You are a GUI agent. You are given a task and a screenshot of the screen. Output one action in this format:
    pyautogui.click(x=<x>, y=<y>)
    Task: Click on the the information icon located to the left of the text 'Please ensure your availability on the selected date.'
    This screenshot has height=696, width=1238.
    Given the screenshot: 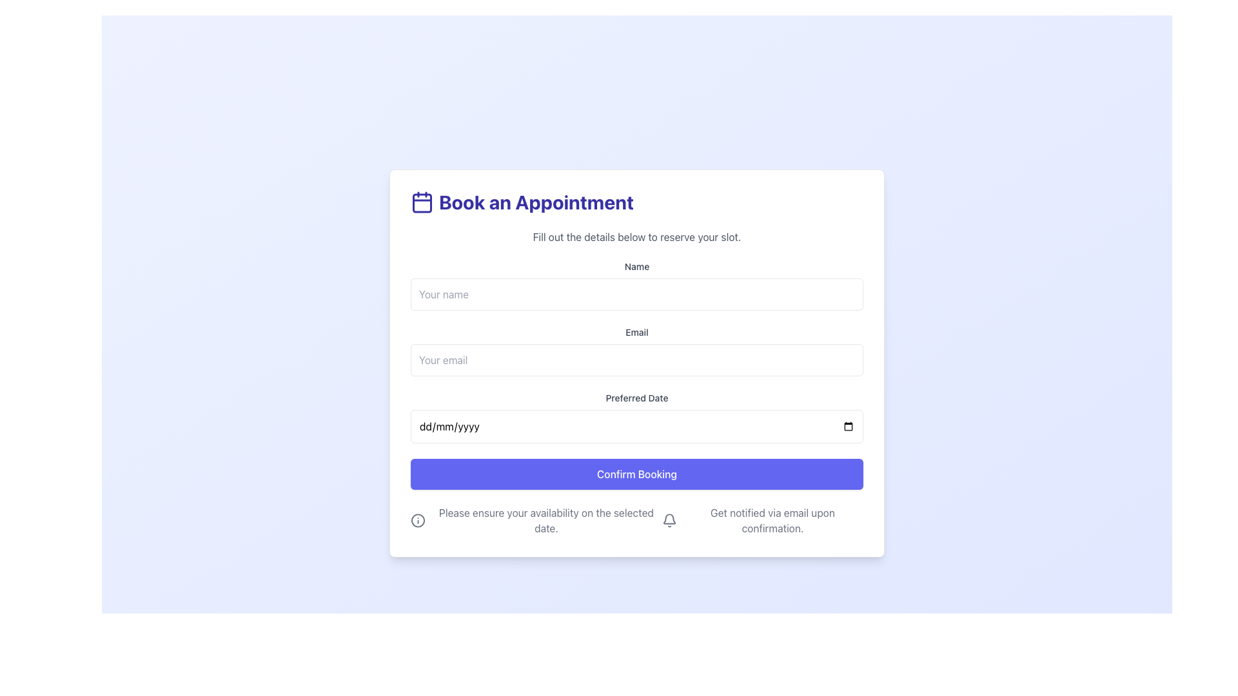 What is the action you would take?
    pyautogui.click(x=418, y=519)
    